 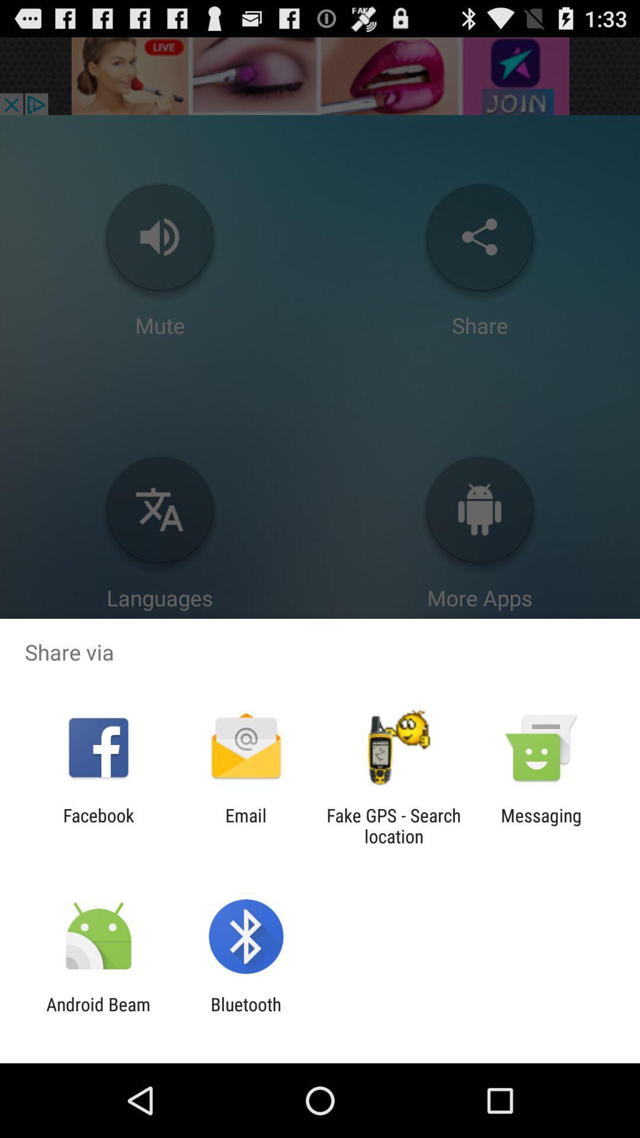 What do you see at coordinates (245, 1014) in the screenshot?
I see `app next to android beam item` at bounding box center [245, 1014].